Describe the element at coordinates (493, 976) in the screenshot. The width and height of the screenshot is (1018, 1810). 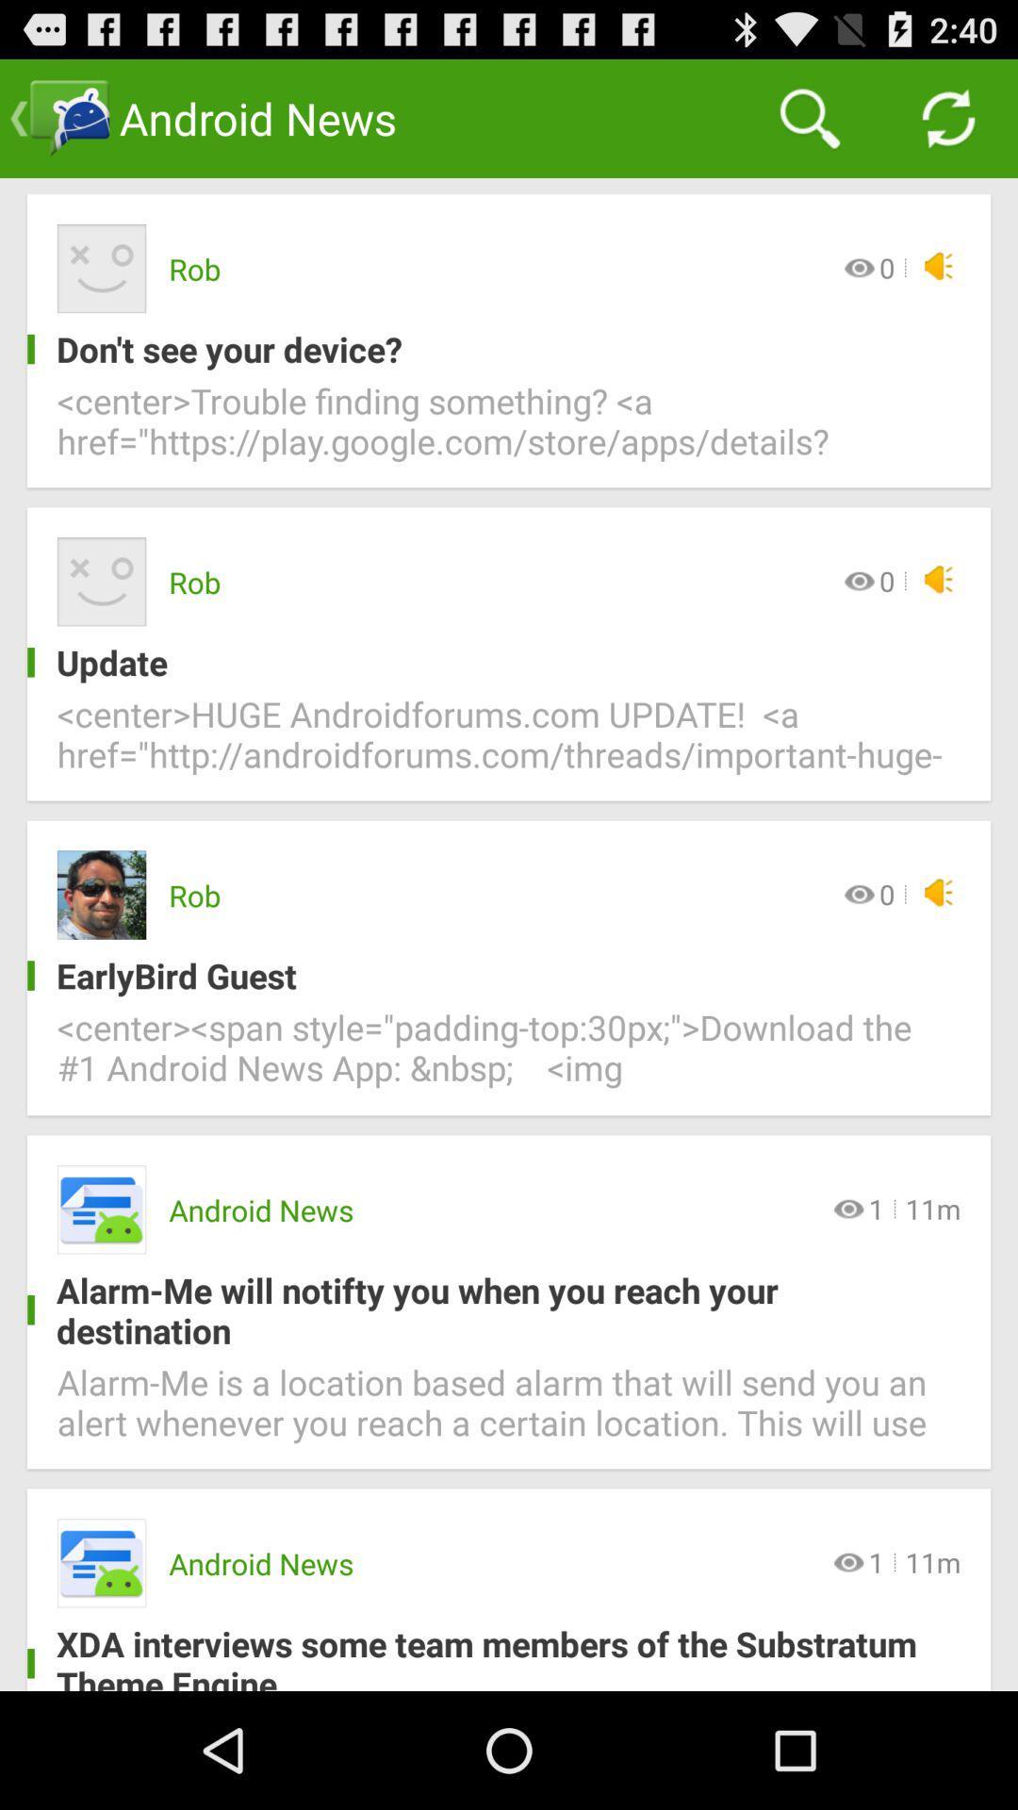
I see `earlybird guest icon` at that location.